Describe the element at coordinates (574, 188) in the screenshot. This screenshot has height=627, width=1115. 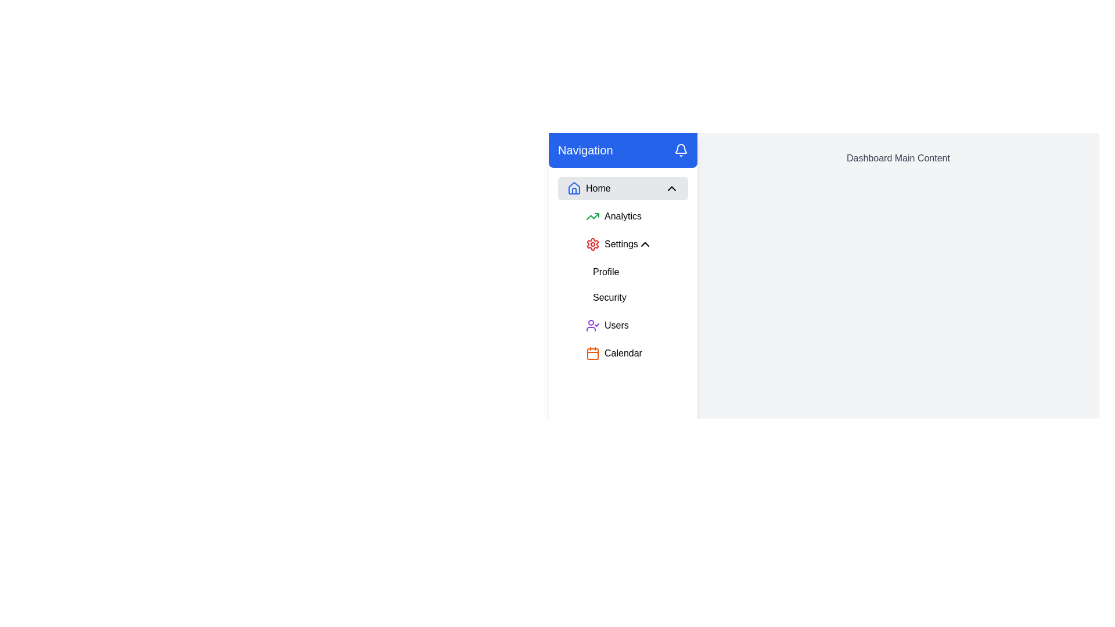
I see `the 'Home' icon in the top navigation menu, which is represented by a blue-stroked house graphic` at that location.